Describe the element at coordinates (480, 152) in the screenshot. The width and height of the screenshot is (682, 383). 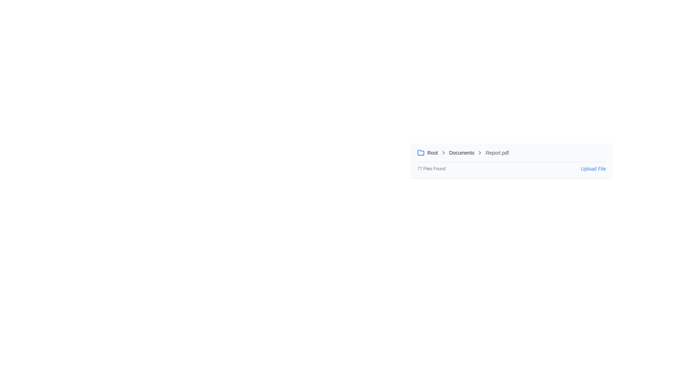
I see `the small gray chevron arrow icon pointing right, located in the breadcrumb navigation bar between 'Documents' and 'Report.pdf'` at that location.